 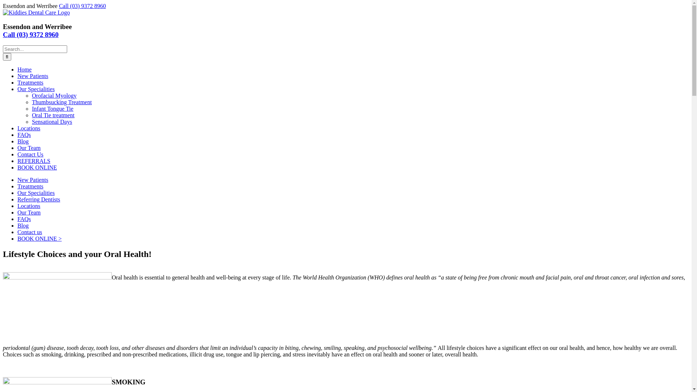 What do you see at coordinates (17, 76) in the screenshot?
I see `'New Patients'` at bounding box center [17, 76].